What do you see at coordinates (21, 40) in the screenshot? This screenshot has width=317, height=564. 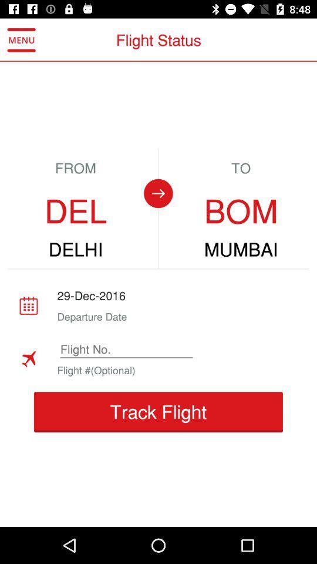 I see `the icon to the left of the flight status item` at bounding box center [21, 40].